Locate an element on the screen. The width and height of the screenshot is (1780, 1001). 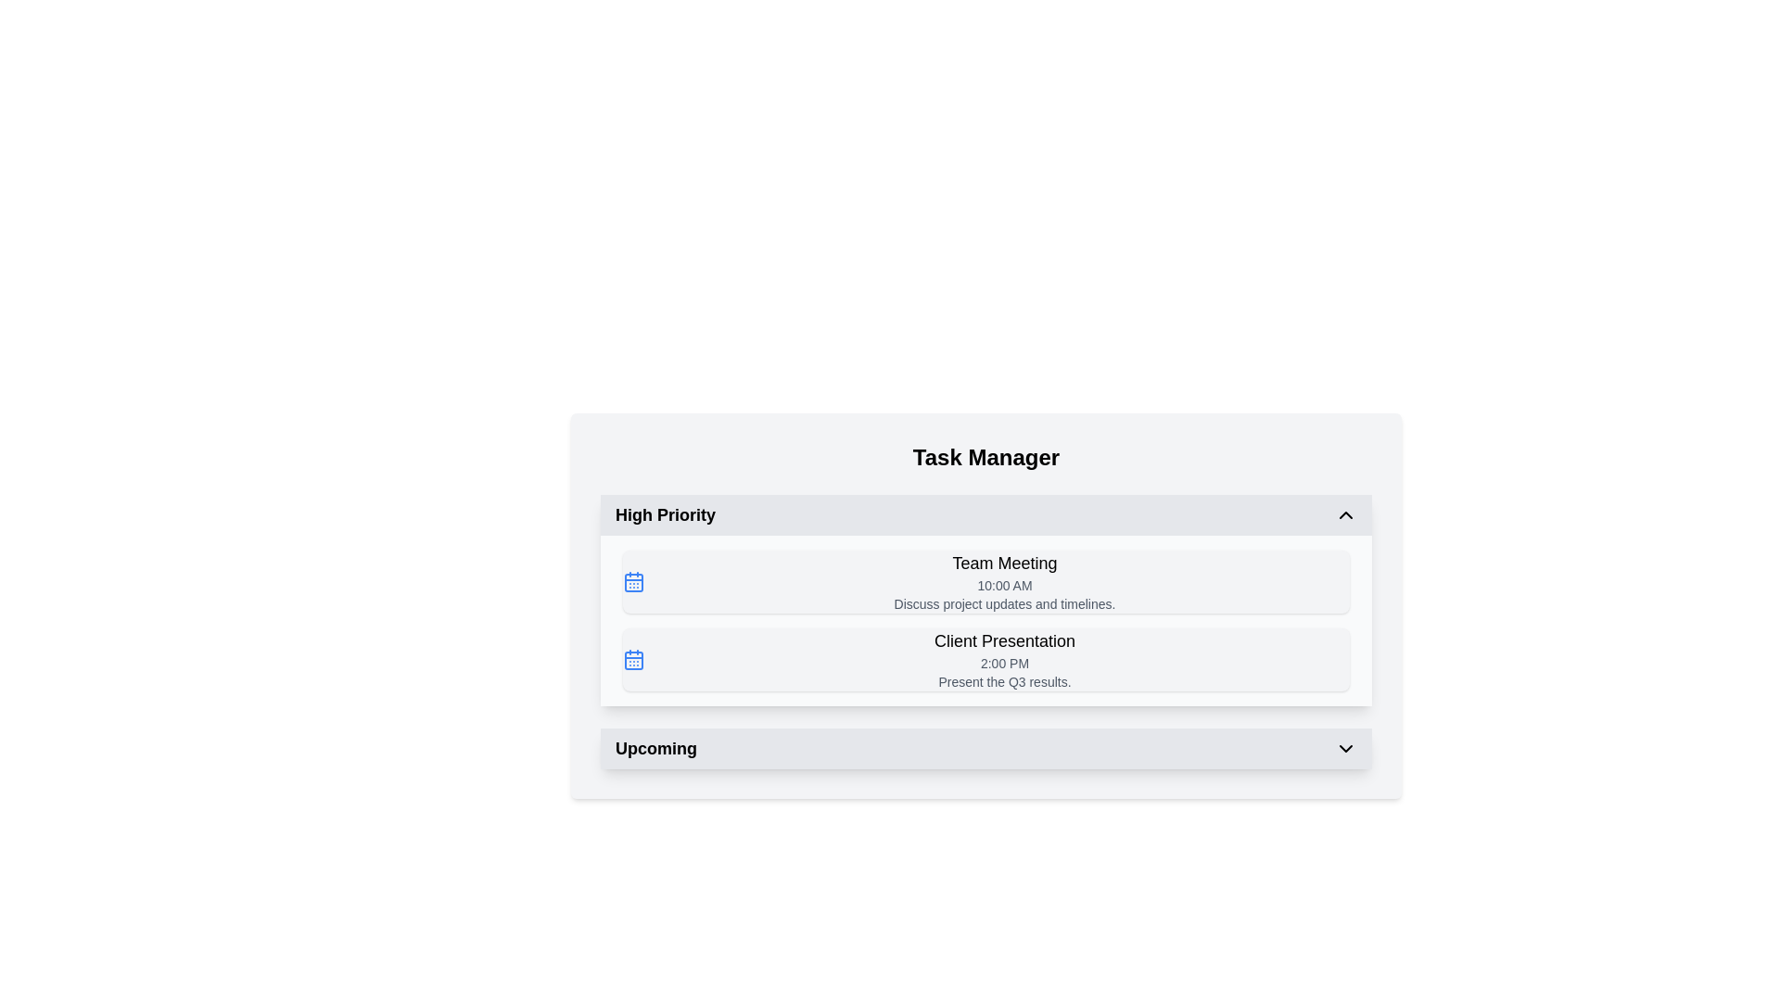
text displayed in the high-priority task title located in the 'Task Manager' panel, specifically above the '10:00 AM' text is located at coordinates (1004, 563).